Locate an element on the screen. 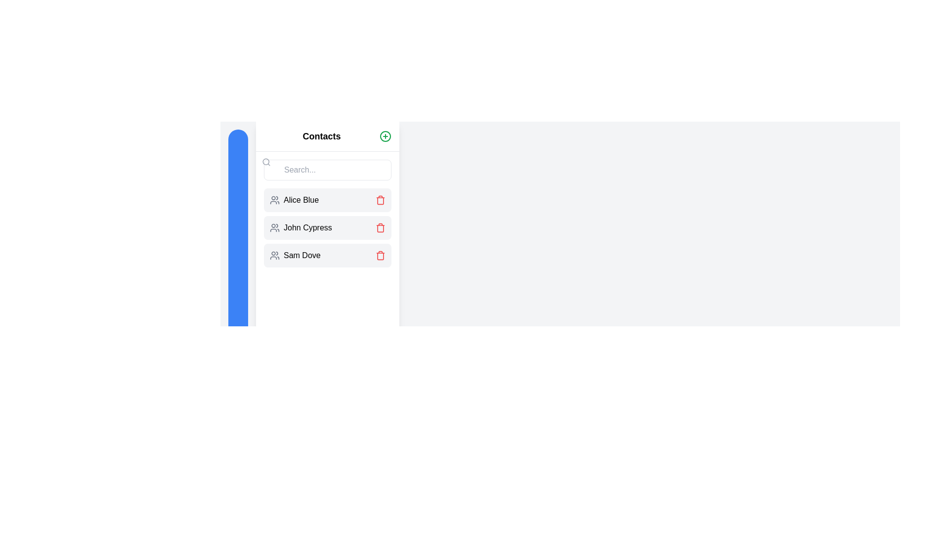 The height and width of the screenshot is (534, 949). the gray icon resembling a group of two individuals located at the leftmost position of a horizontal layout, which includes a text label 'Alice Blue' to its right is located at coordinates (275, 200).